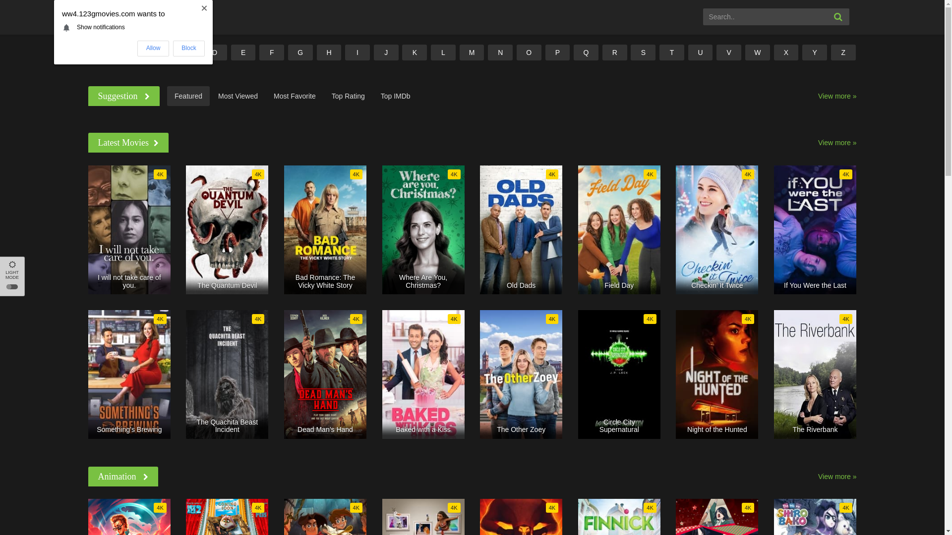  What do you see at coordinates (243, 52) in the screenshot?
I see `'E'` at bounding box center [243, 52].